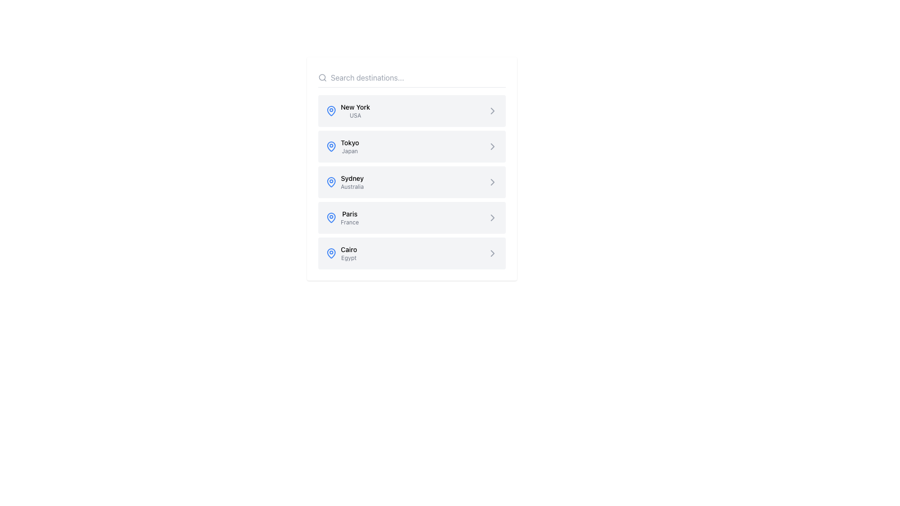 The height and width of the screenshot is (506, 900). Describe the element at coordinates (412, 182) in the screenshot. I see `the third list item for 'Sydney, Australia', positioned between 'Tokyo, Japan' and 'Paris, France'` at that location.